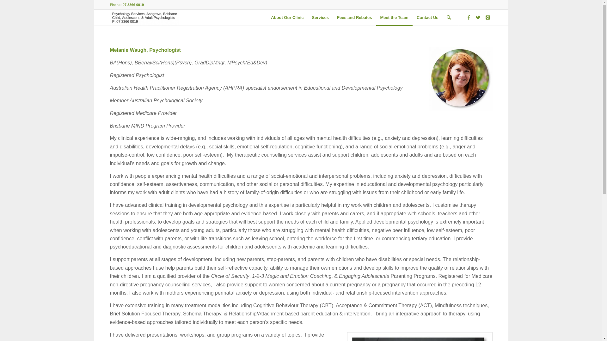 Image resolution: width=607 pixels, height=341 pixels. Describe the element at coordinates (478, 17) in the screenshot. I see `'Twitter'` at that location.